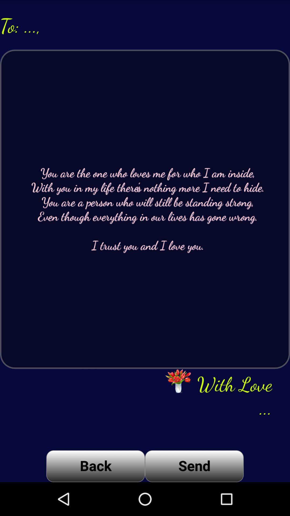 Image resolution: width=290 pixels, height=516 pixels. I want to click on back icon, so click(95, 466).